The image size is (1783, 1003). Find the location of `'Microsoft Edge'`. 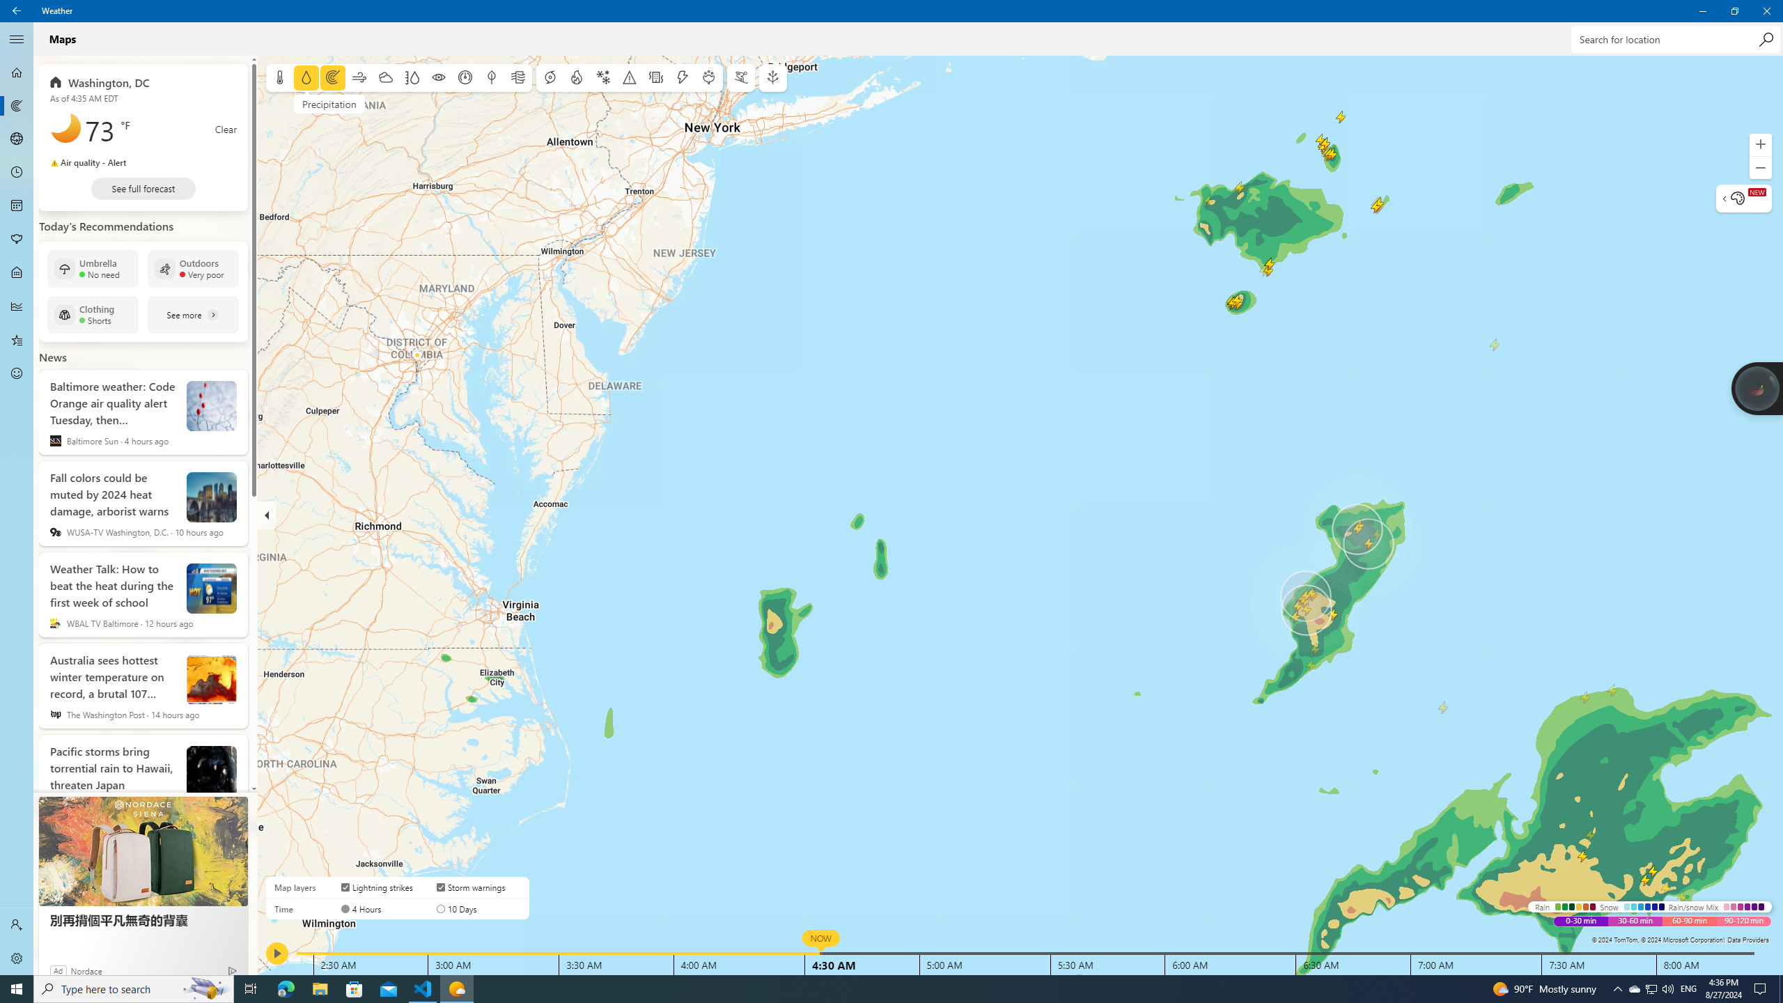

'Microsoft Edge' is located at coordinates (285, 988).